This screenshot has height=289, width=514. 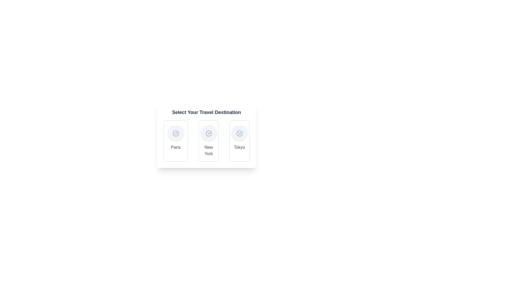 What do you see at coordinates (208, 141) in the screenshot?
I see `the 'New York' card-style button in the 'Select Your Travel Destination' menu` at bounding box center [208, 141].